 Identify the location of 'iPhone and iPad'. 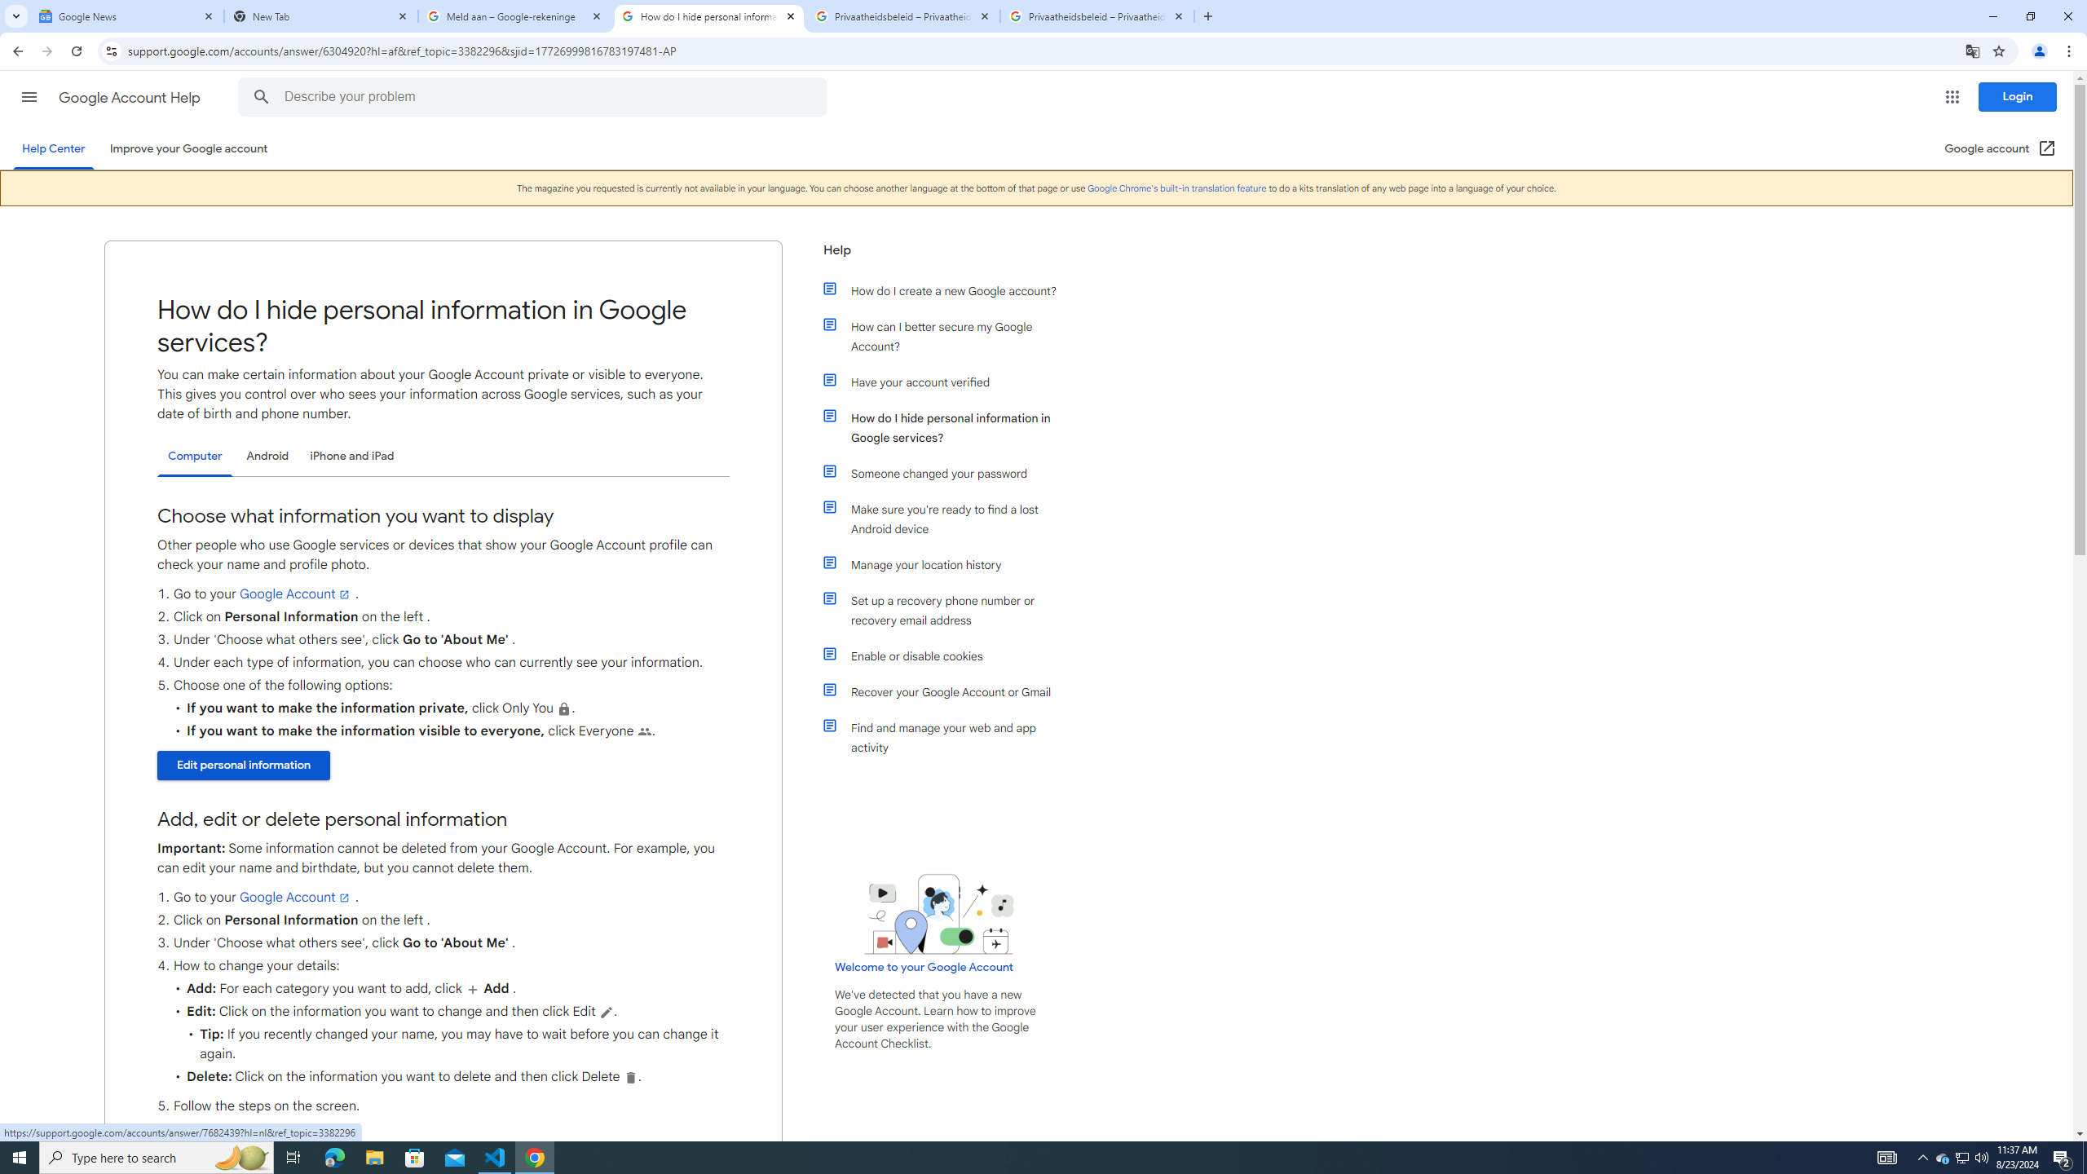
(351, 456).